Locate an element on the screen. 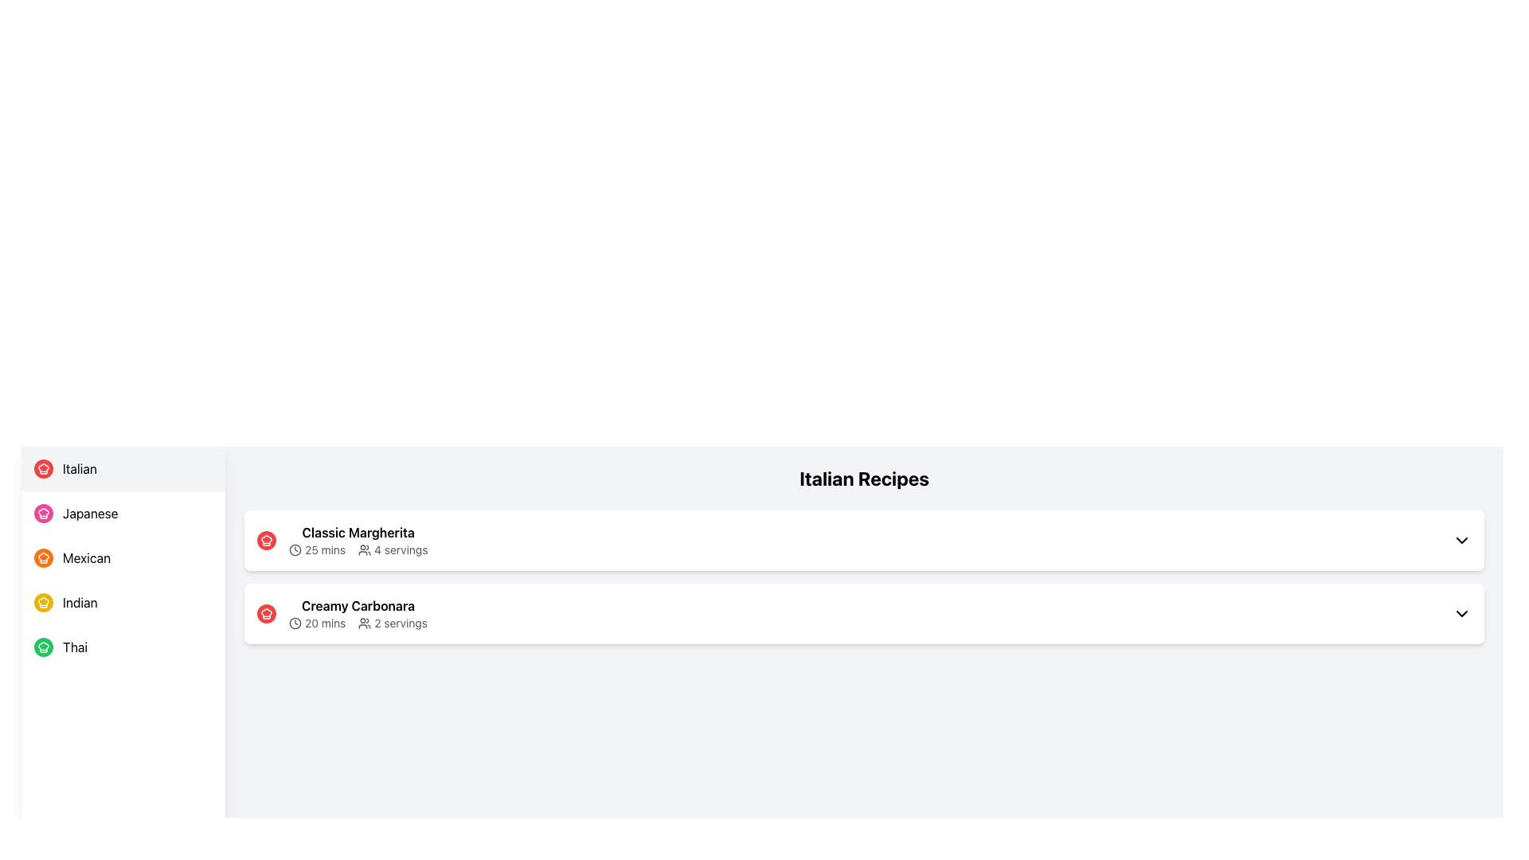 The height and width of the screenshot is (860, 1529). the text label 'Italian' in the cuisine menu is located at coordinates (79, 468).